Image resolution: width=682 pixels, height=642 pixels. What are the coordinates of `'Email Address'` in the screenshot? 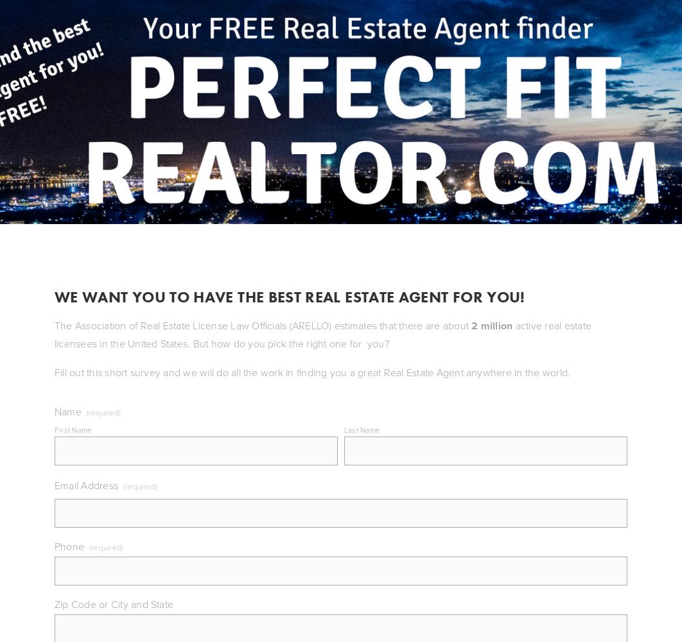 It's located at (86, 485).